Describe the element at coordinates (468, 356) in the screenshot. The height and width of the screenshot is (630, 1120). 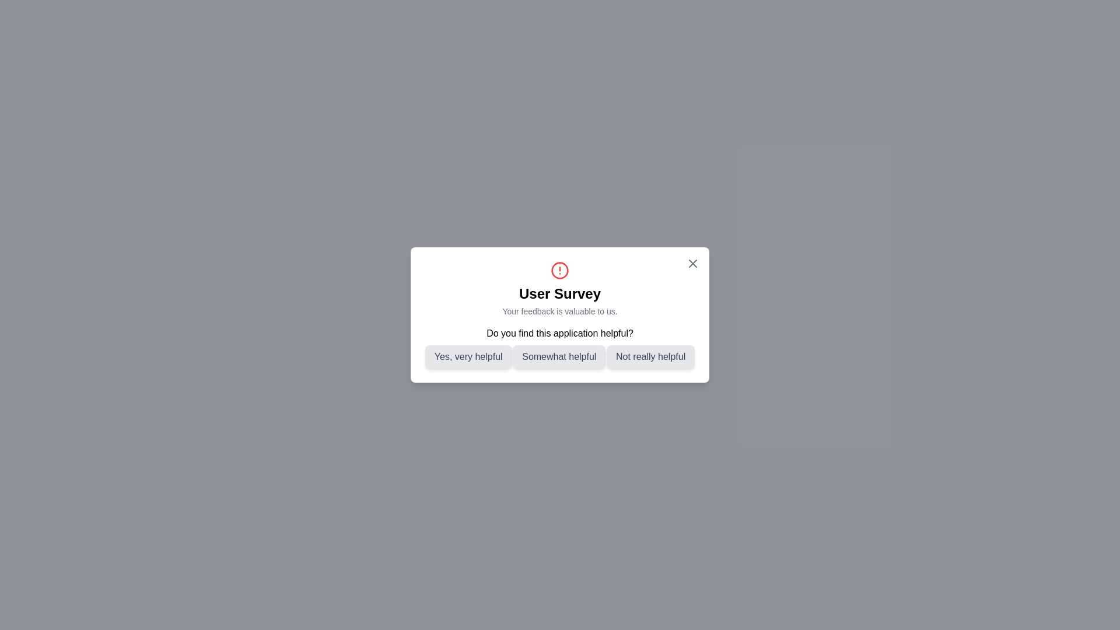
I see `the leftmost button labeled 'Yes, very helpful' in the feedback pop-up modal` at that location.